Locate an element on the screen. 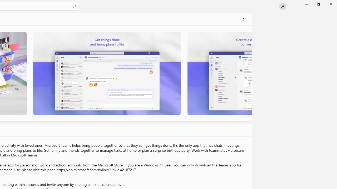 The height and width of the screenshot is (189, 337). 'Close Microsoft Store' is located at coordinates (330, 4).